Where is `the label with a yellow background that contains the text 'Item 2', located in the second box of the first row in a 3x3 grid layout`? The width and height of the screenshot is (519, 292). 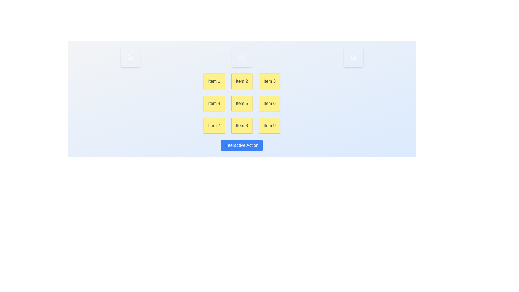 the label with a yellow background that contains the text 'Item 2', located in the second box of the first row in a 3x3 grid layout is located at coordinates (241, 81).